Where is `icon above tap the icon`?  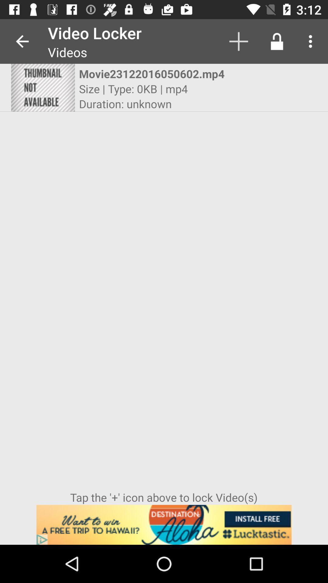 icon above tap the icon is located at coordinates (125, 104).